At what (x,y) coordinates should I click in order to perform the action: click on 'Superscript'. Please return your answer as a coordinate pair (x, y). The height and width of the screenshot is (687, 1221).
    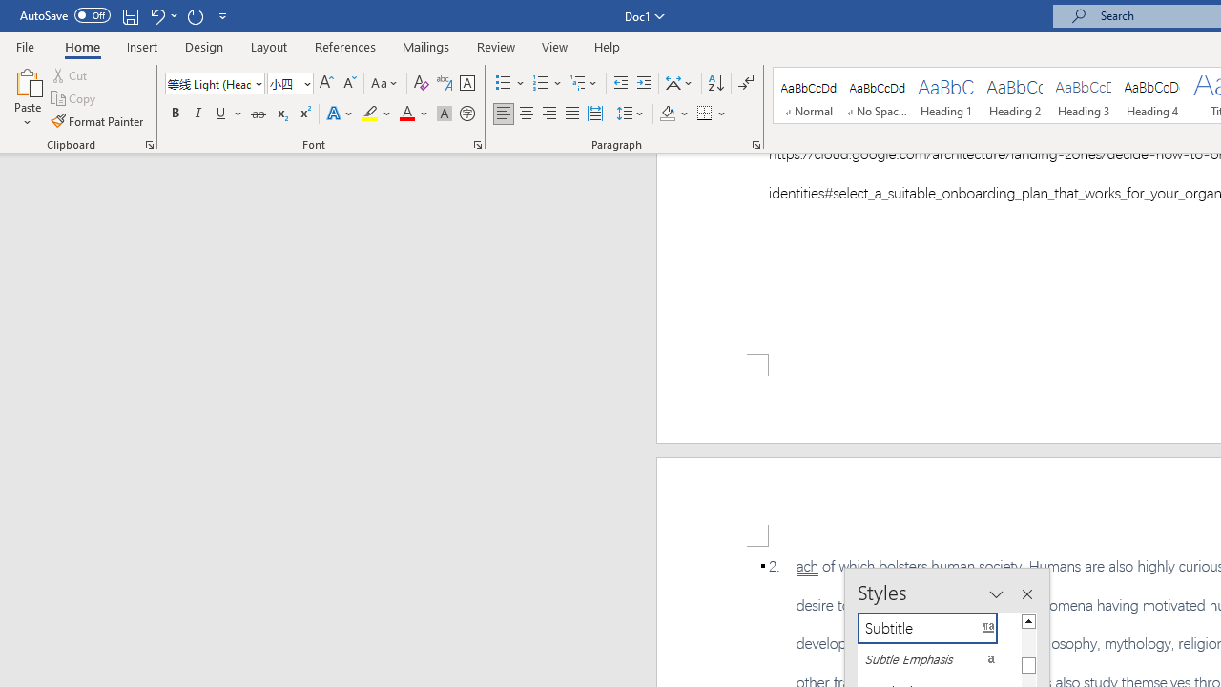
    Looking at the image, I should click on (303, 114).